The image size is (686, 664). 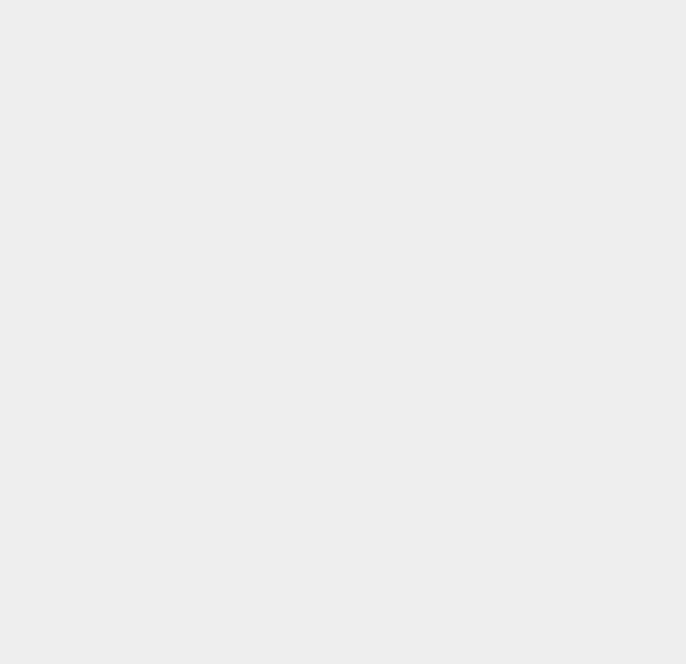 I want to click on 'Meizu', so click(x=496, y=46).